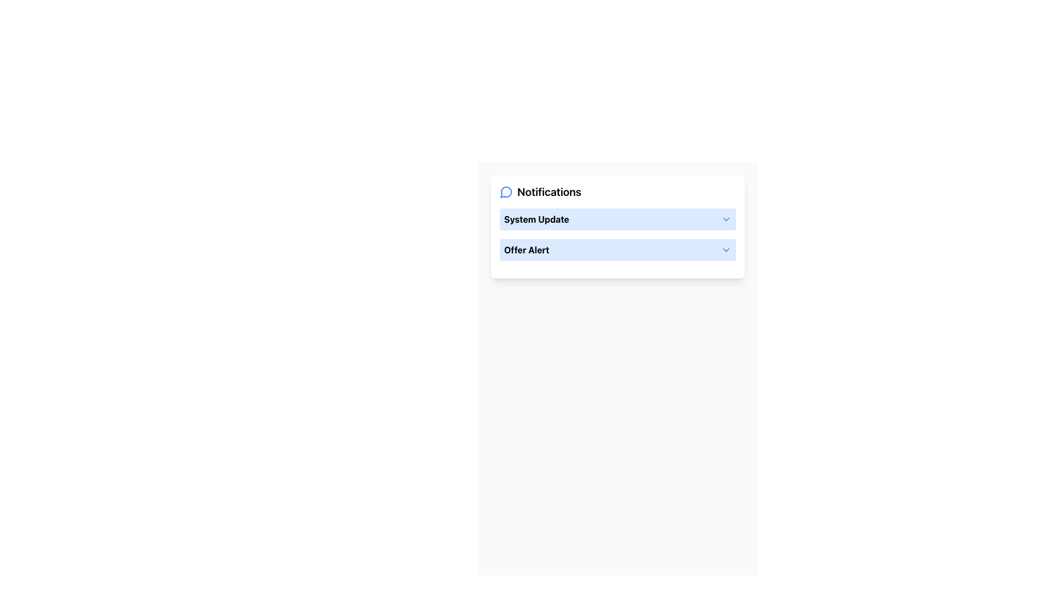  Describe the element at coordinates (505, 192) in the screenshot. I see `the visual indicator icon located to the left of the 'Notifications' title in the header section, which signifies messages, comments, or notifications` at that location.